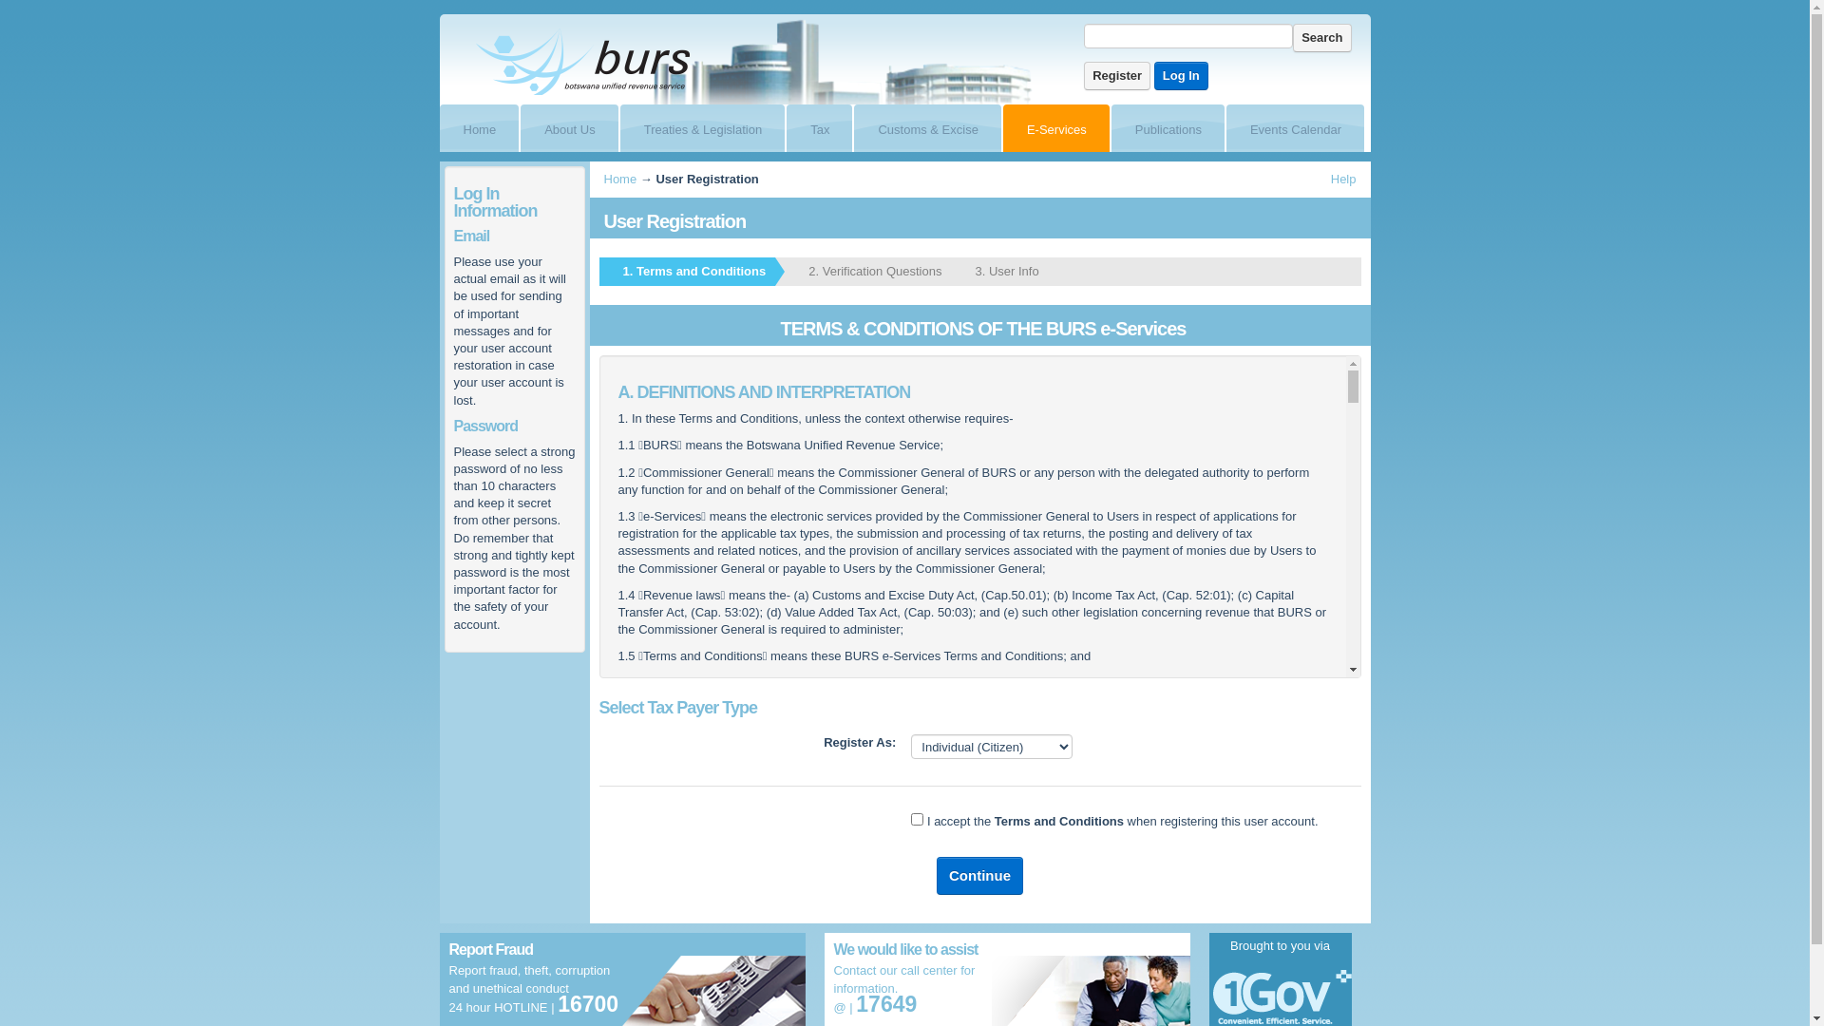 The image size is (1824, 1026). Describe the element at coordinates (1342, 179) in the screenshot. I see `'Help'` at that location.